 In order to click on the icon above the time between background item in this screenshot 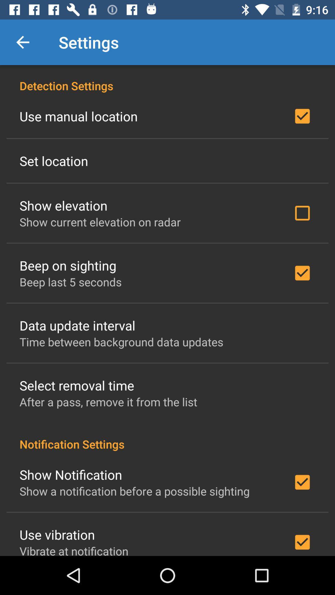, I will do `click(77, 325)`.